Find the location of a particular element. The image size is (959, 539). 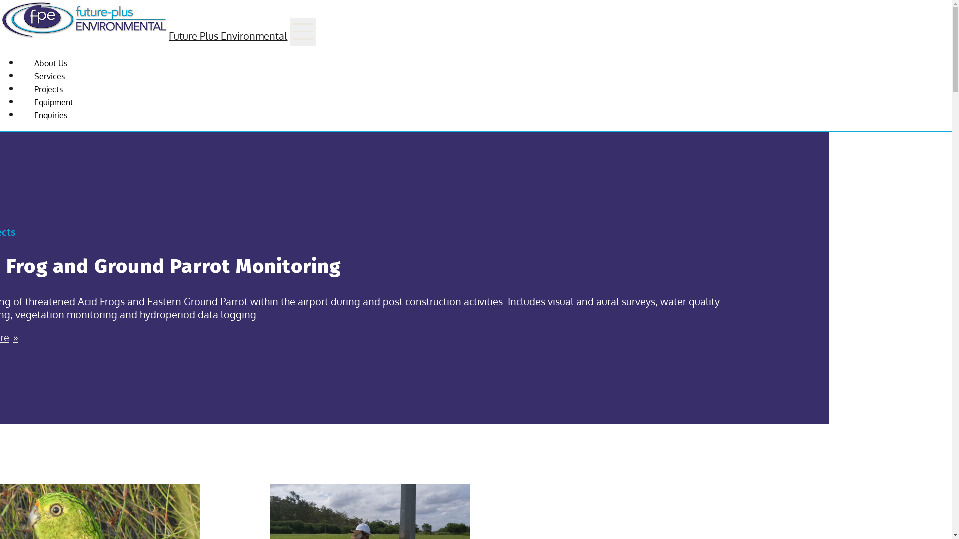

'Equipment' is located at coordinates (53, 102).